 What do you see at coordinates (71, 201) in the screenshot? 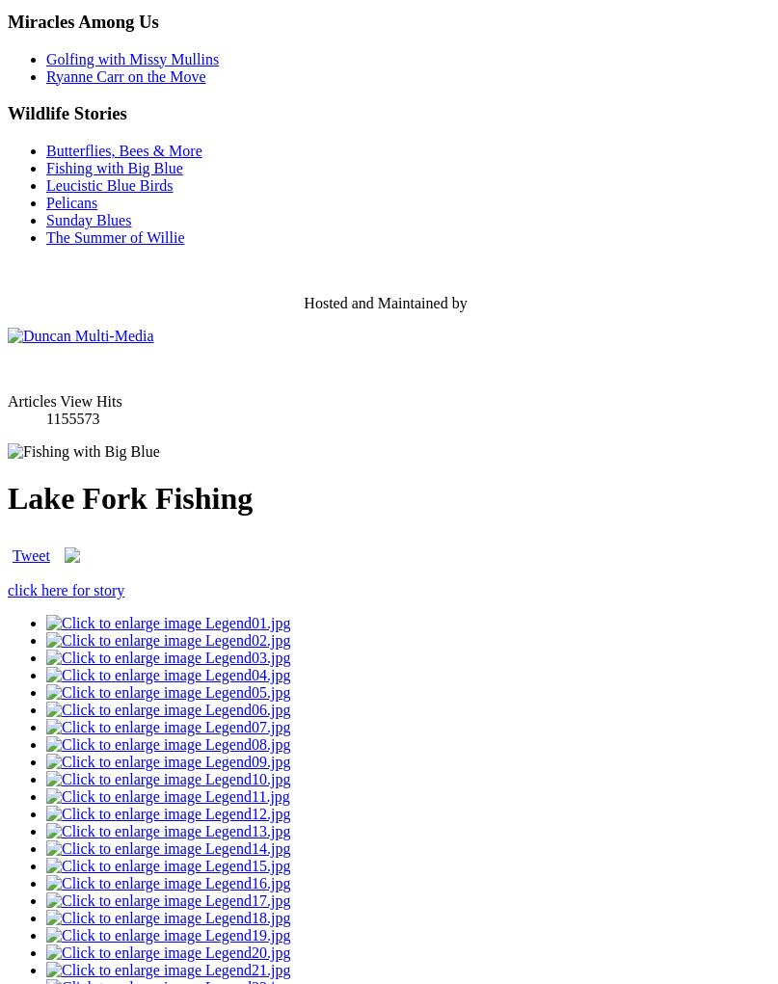
I see `'Pelicans'` at bounding box center [71, 201].